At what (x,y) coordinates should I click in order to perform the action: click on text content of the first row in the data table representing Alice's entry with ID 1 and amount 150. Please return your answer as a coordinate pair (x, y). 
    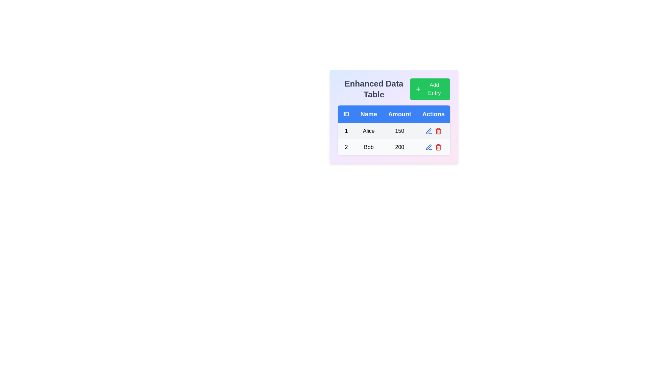
    Looking at the image, I should click on (394, 131).